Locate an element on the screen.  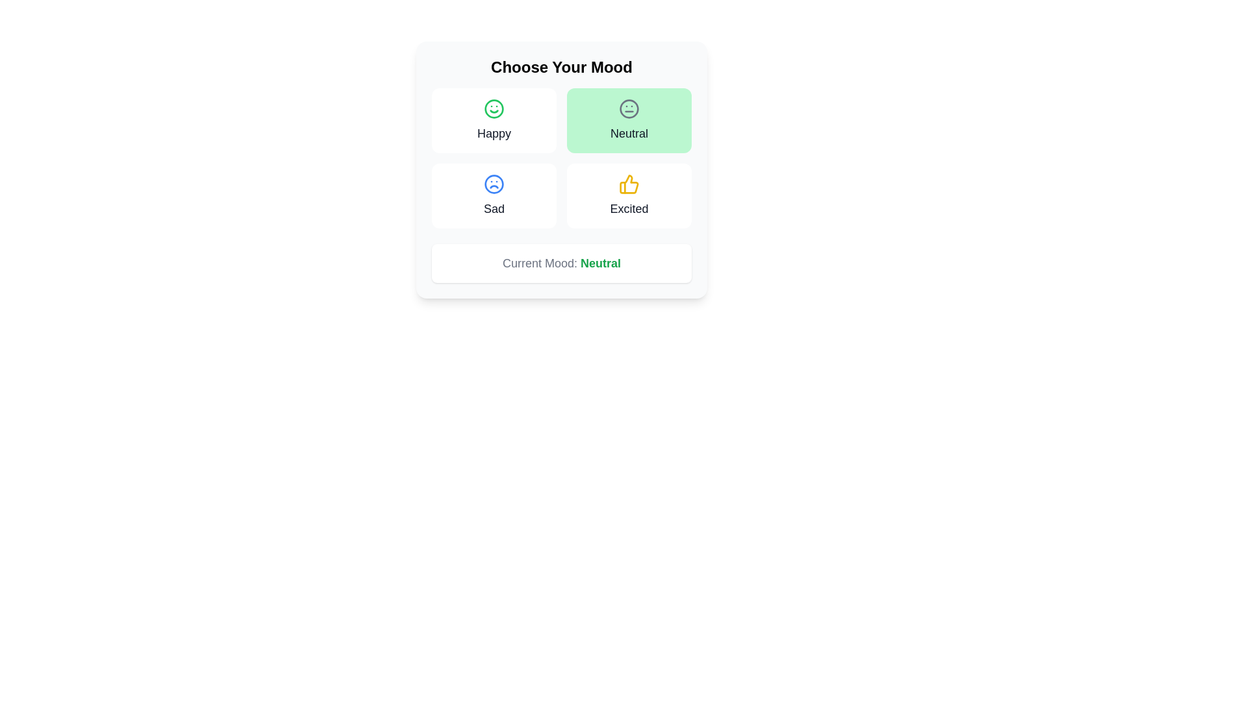
the neutral mood button located in the second column of the first row of the mood options grid is located at coordinates (629, 120).